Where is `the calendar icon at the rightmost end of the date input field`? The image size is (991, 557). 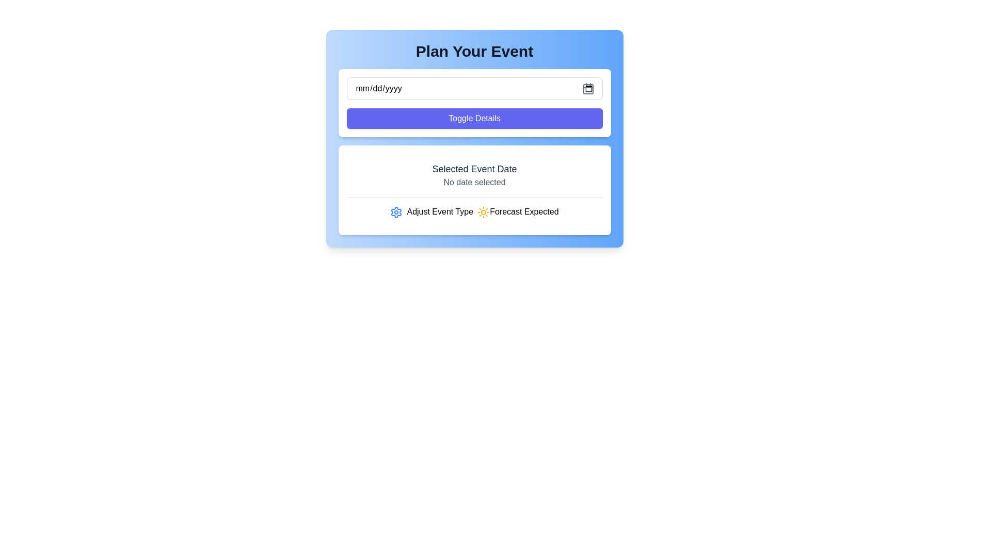 the calendar icon at the rightmost end of the date input field is located at coordinates (588, 88).